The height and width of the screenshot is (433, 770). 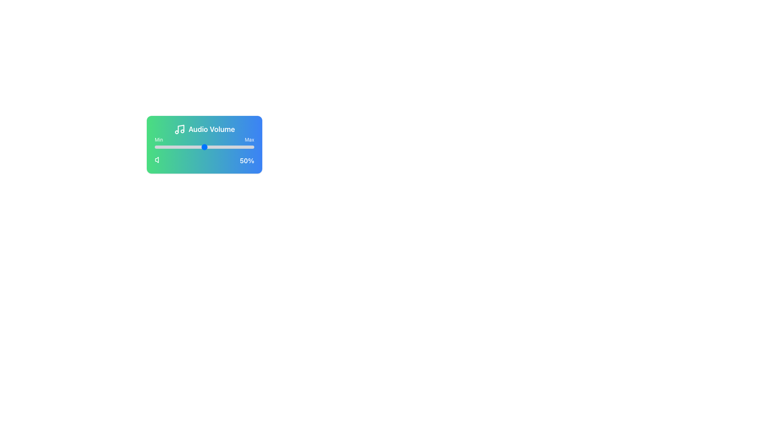 I want to click on the slider, so click(x=197, y=147).